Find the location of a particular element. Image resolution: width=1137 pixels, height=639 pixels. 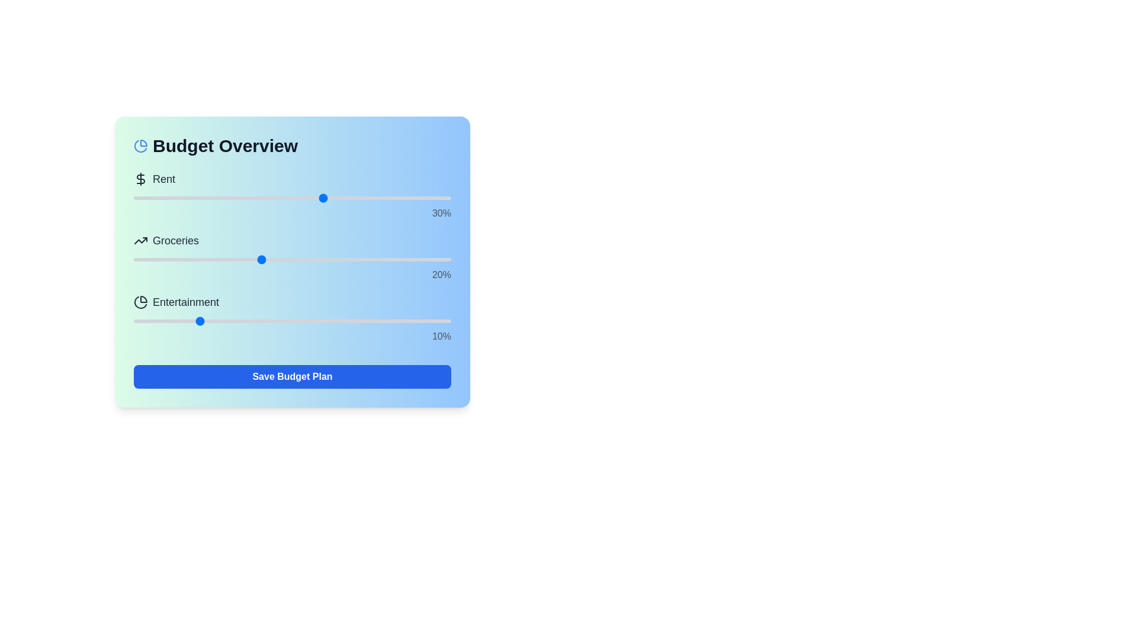

the 'Entertainment' slider is located at coordinates (216, 321).